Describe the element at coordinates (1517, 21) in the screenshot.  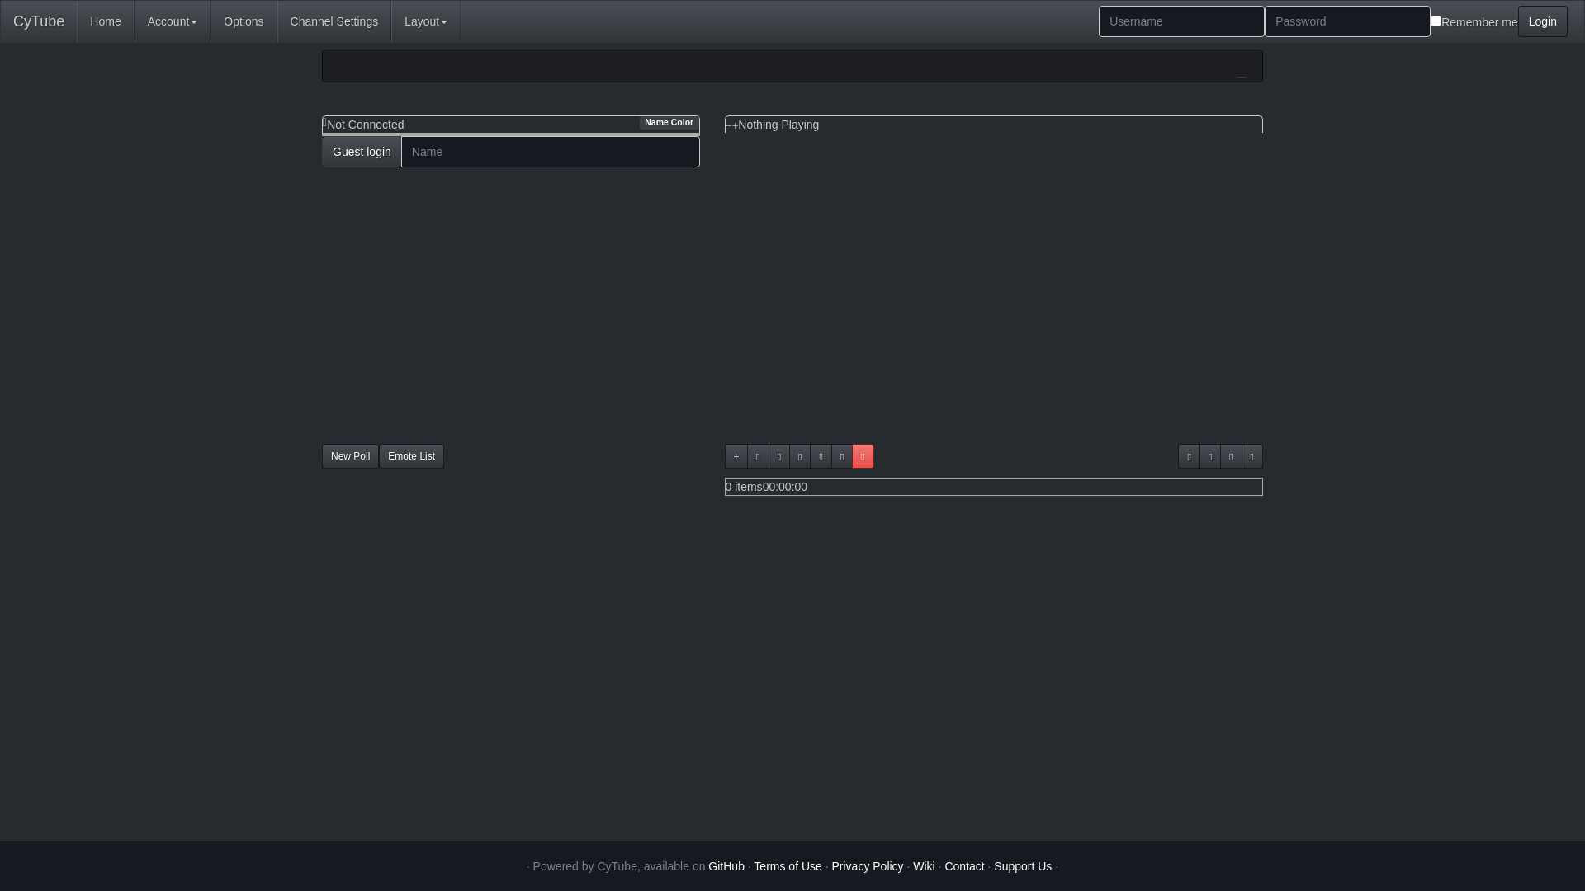
I see `'Login'` at that location.